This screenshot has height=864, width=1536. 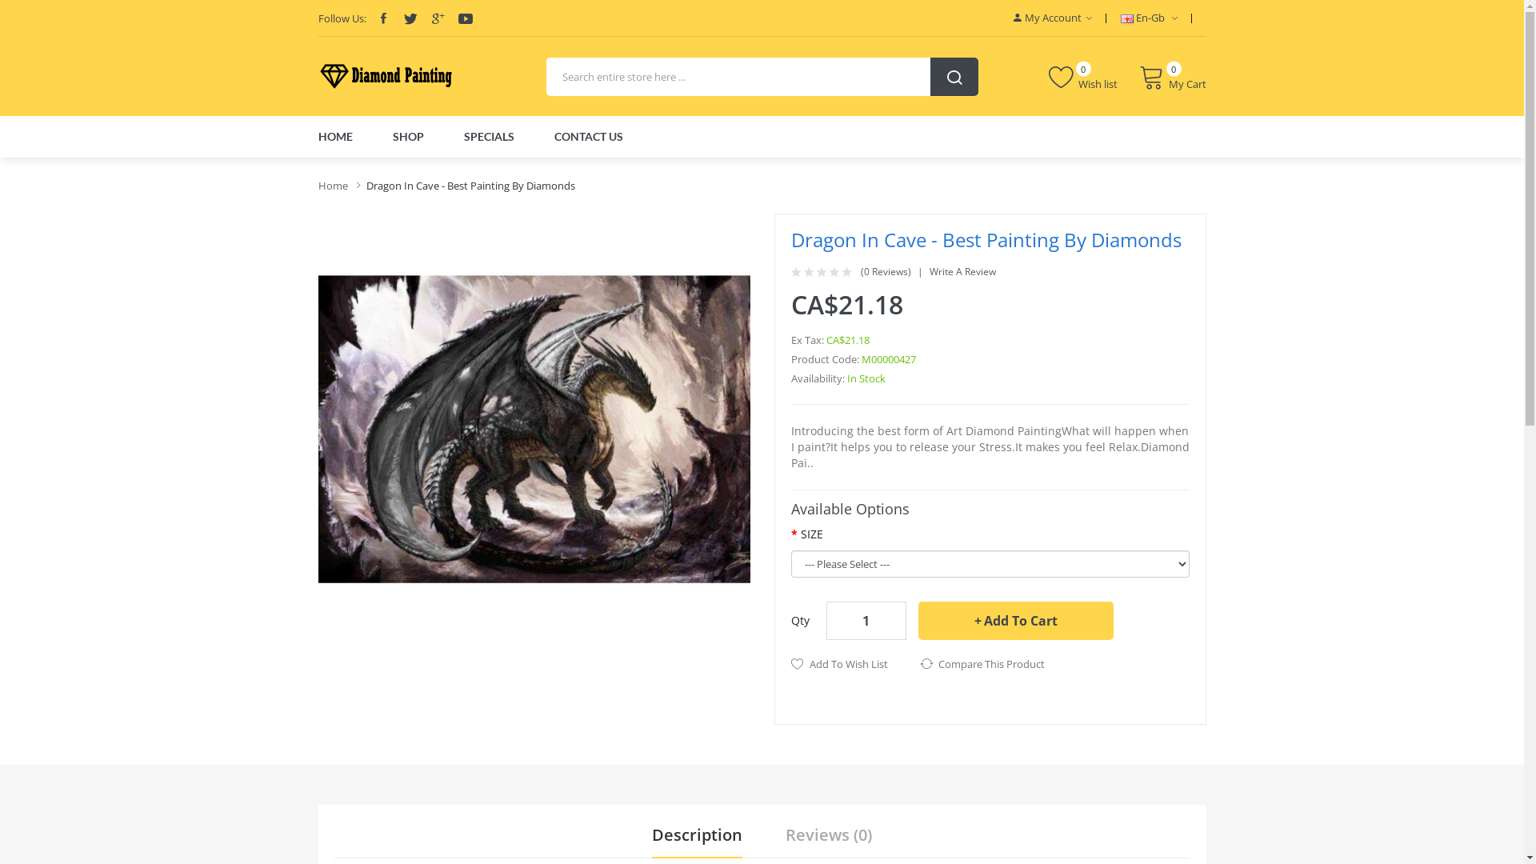 What do you see at coordinates (438, 18) in the screenshot?
I see `'Google'` at bounding box center [438, 18].